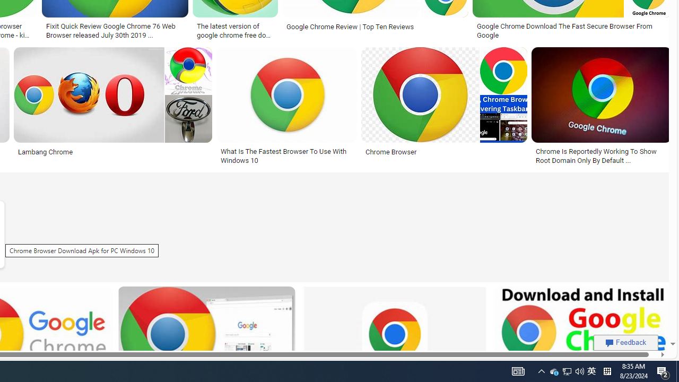 The width and height of the screenshot is (679, 382). I want to click on 'Google Chrome Review | Top Ten Reviews', so click(375, 26).